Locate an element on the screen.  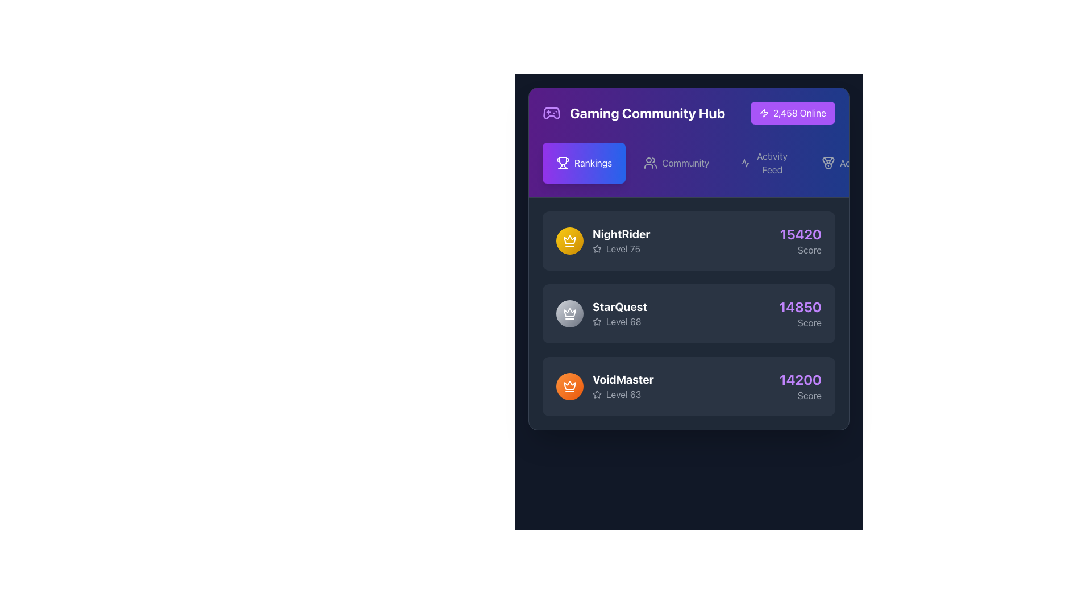
the gamepad icon located in the top-left corner of the page, above the 'Gaming Community Hub' text in the header section is located at coordinates (551, 113).